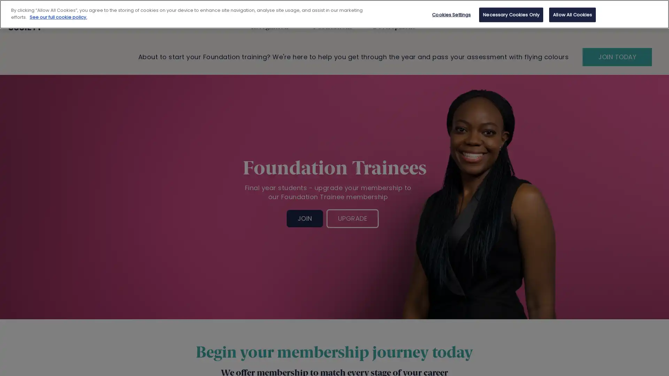  I want to click on Allow All Cookies, so click(572, 15).